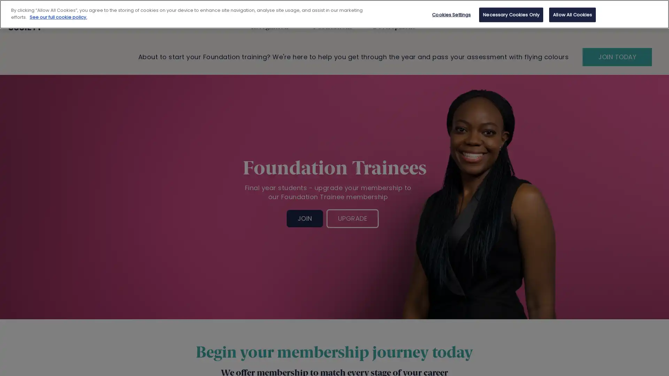  I want to click on Allow All Cookies, so click(572, 15).